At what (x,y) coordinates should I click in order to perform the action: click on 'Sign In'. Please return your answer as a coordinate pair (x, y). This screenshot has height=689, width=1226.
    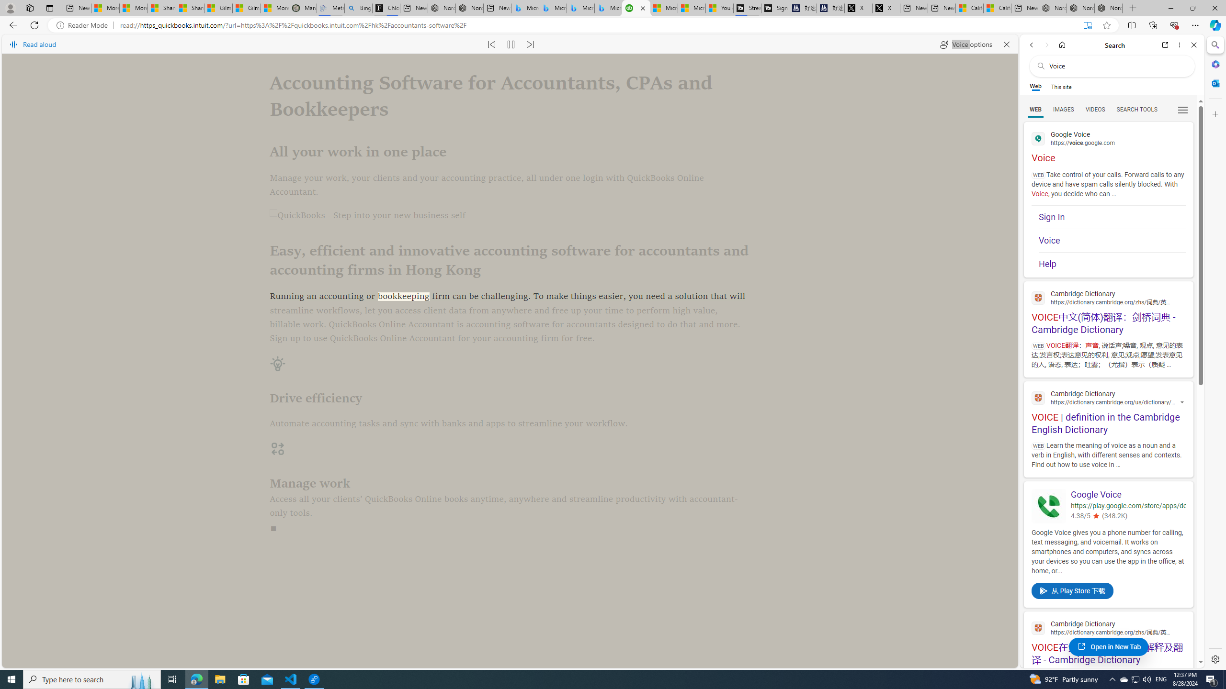
    Looking at the image, I should click on (1111, 218).